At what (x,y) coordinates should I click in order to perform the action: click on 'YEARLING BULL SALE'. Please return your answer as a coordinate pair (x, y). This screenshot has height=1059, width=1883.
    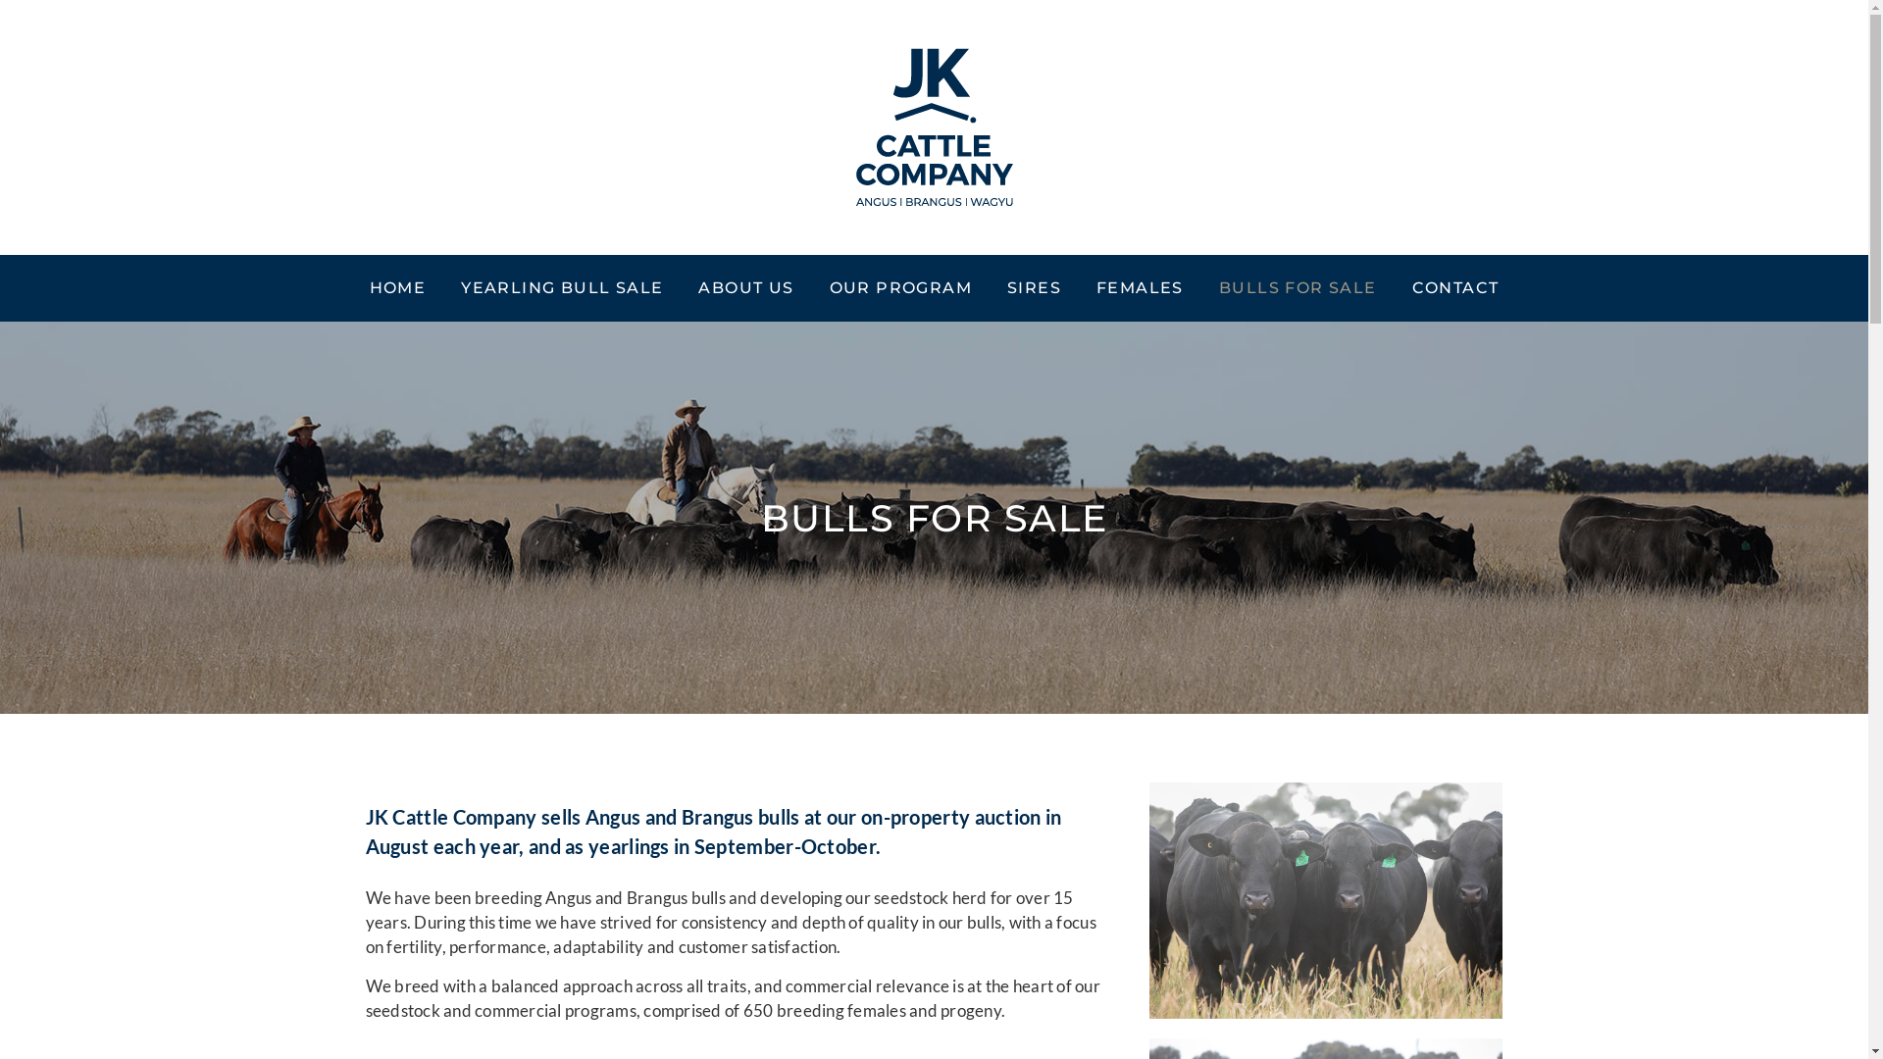
    Looking at the image, I should click on (560, 287).